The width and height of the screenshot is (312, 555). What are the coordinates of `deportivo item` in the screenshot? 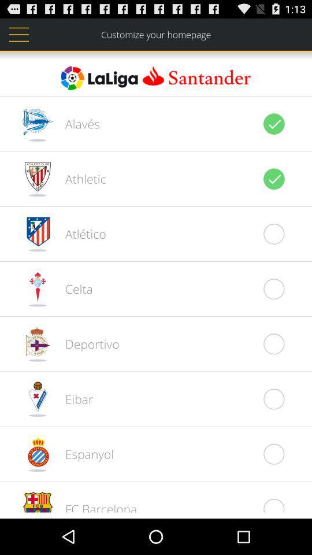 It's located at (86, 343).